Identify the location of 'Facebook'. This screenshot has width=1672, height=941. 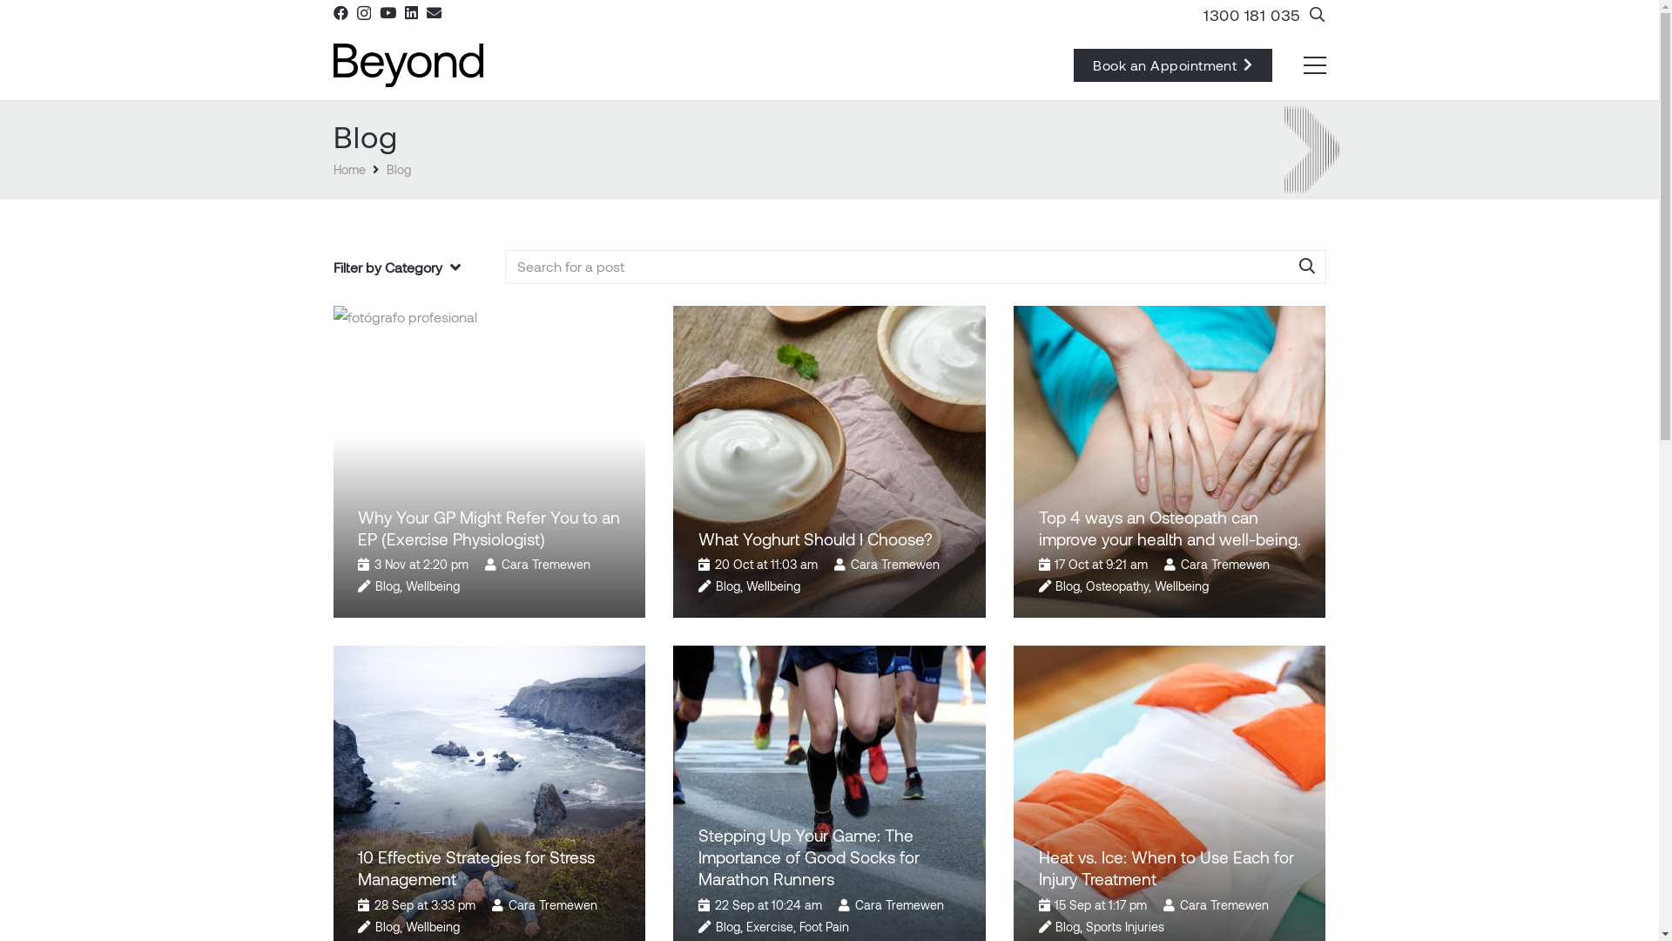
(867, 761).